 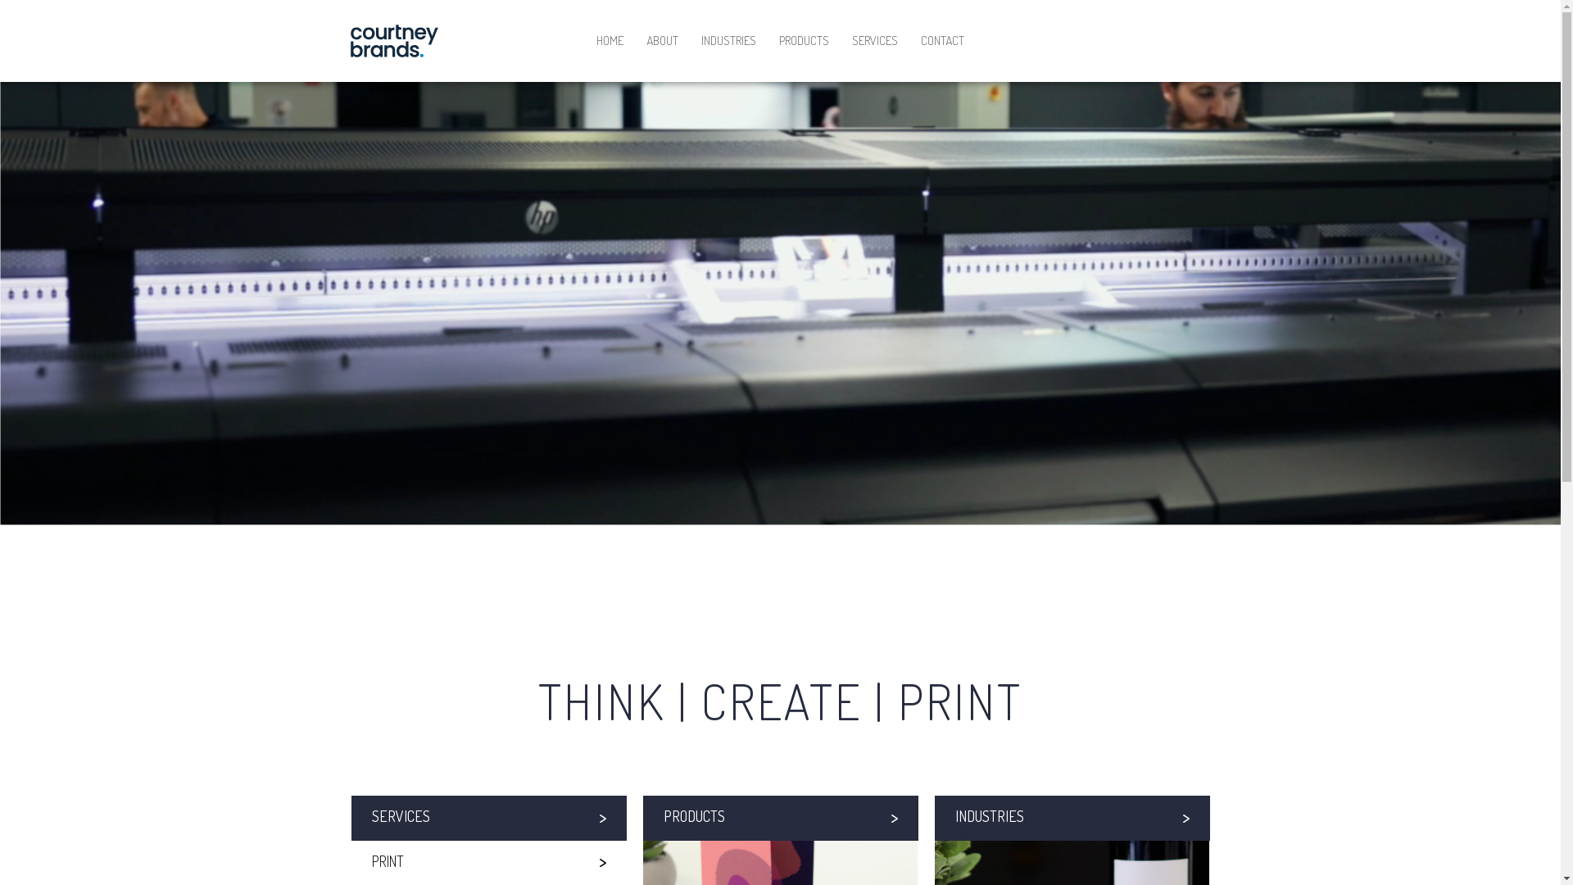 What do you see at coordinates (778, 818) in the screenshot?
I see `'PRODUCTS'` at bounding box center [778, 818].